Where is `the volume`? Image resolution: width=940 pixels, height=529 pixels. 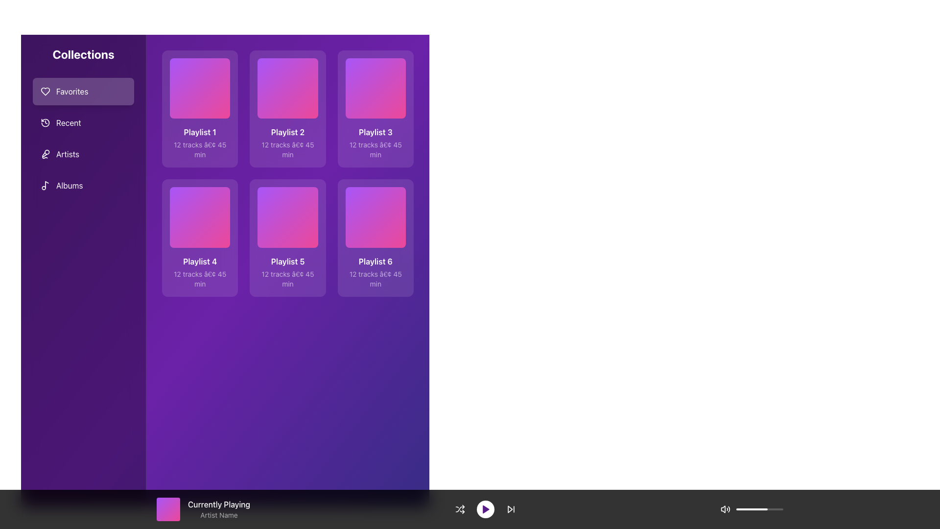
the volume is located at coordinates (754, 509).